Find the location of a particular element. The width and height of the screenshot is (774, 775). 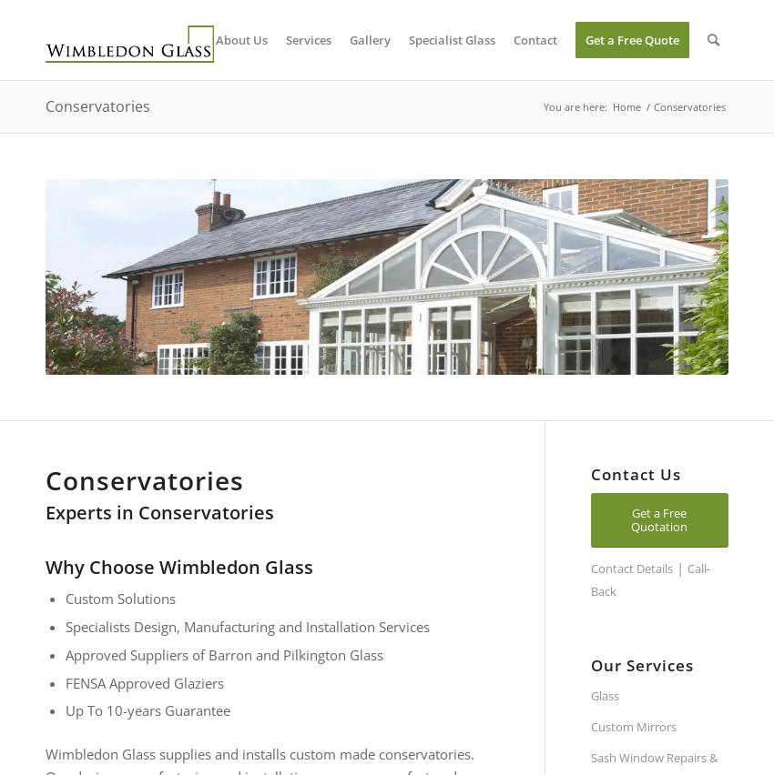

'Contact Us' is located at coordinates (590, 472).